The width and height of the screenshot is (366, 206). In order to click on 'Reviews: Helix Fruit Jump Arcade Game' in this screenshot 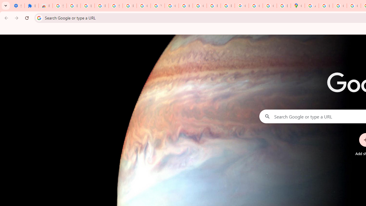, I will do `click(45, 6)`.